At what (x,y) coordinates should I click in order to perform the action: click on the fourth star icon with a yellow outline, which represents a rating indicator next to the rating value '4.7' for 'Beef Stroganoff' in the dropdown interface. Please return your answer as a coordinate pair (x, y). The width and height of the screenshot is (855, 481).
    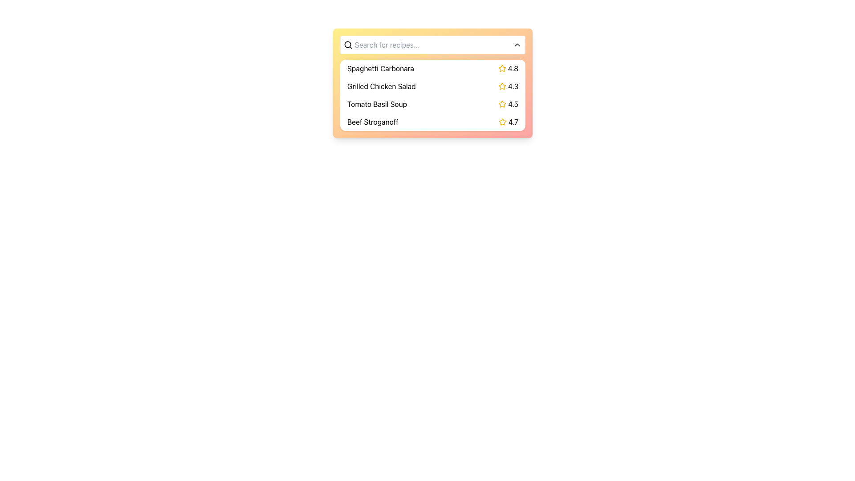
    Looking at the image, I should click on (502, 122).